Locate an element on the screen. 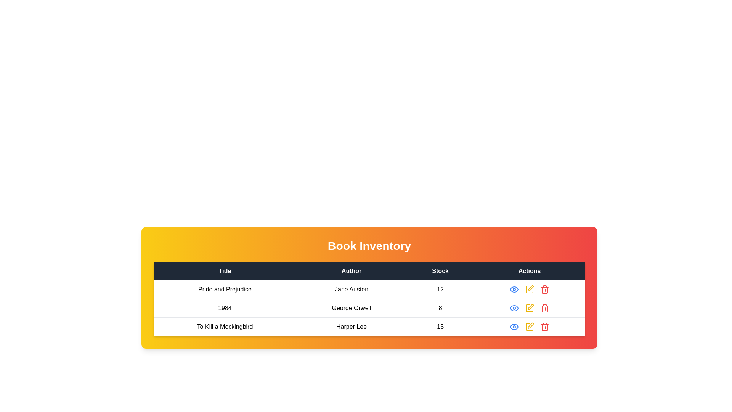 The image size is (732, 412). the text label element displaying 'Pride and Prejudice', which is located in the first row under the 'Title' column of the table layout is located at coordinates (225, 290).